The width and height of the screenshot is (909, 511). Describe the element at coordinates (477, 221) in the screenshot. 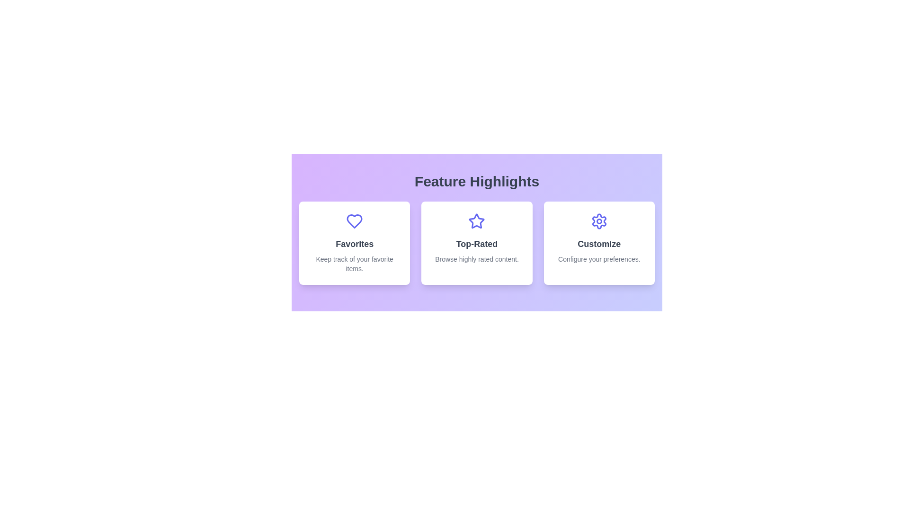

I see `the indigo star-shaped icon located in the second card with the heading 'Top-Rated' and descriptive text 'Browse highly rated content.'` at that location.